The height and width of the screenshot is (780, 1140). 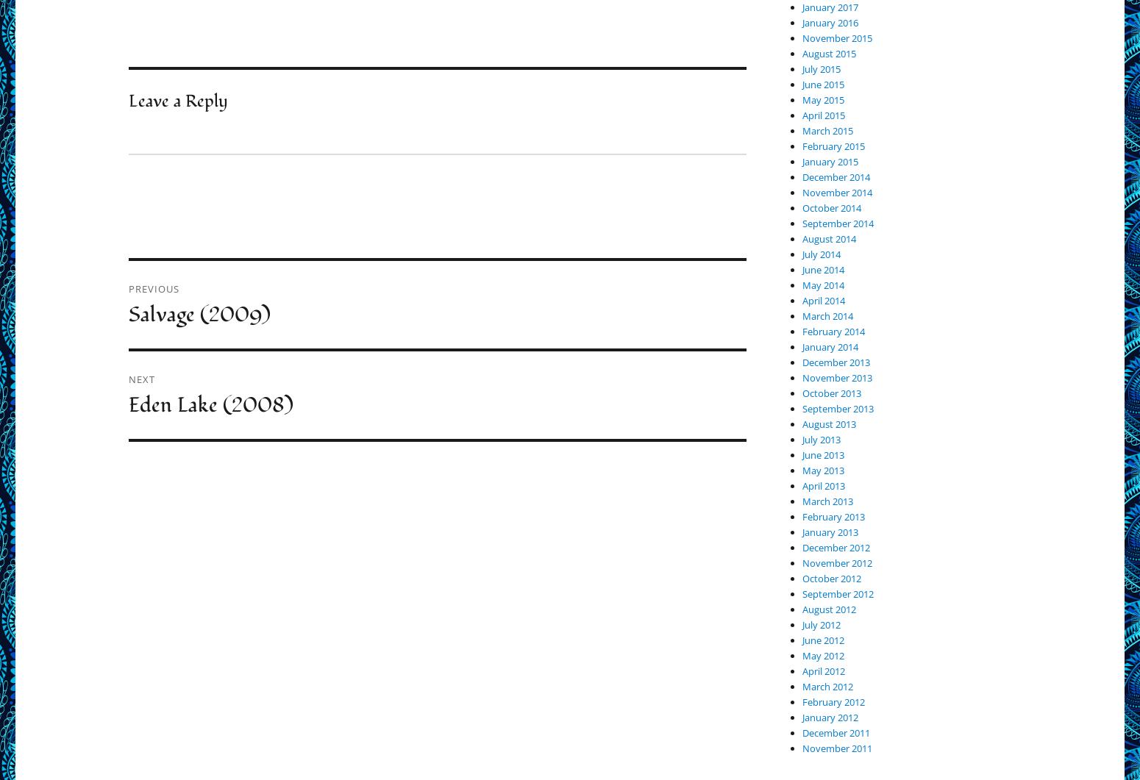 What do you see at coordinates (820, 438) in the screenshot?
I see `'July 2013'` at bounding box center [820, 438].